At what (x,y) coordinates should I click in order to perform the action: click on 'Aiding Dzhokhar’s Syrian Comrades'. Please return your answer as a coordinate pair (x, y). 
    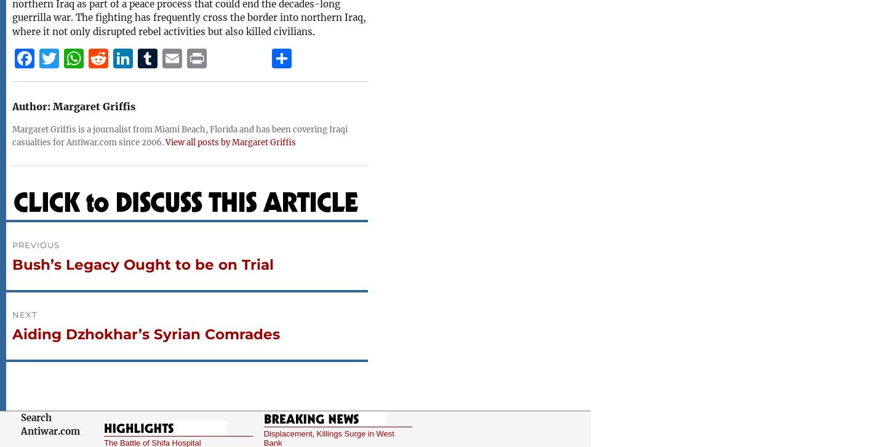
    Looking at the image, I should click on (12, 334).